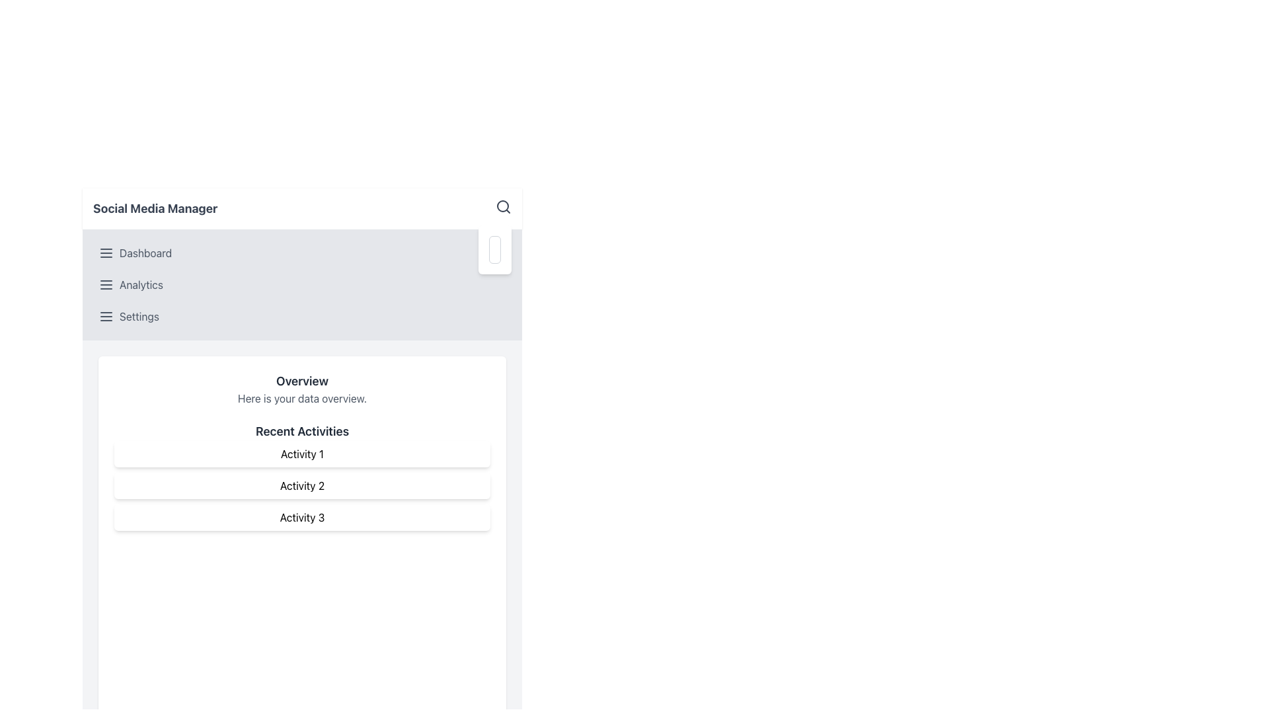 The width and height of the screenshot is (1269, 714). Describe the element at coordinates (301, 316) in the screenshot. I see `the 'Settings' button in the vertical menu` at that location.